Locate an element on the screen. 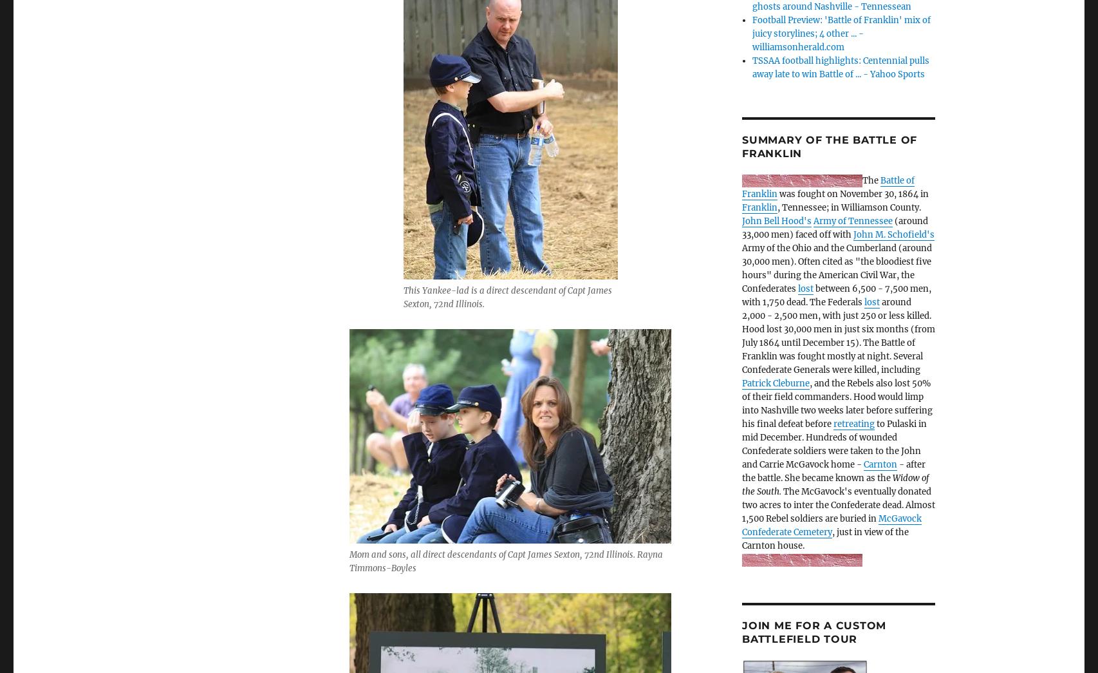 The width and height of the screenshot is (1098, 673). 'around 2,000 - 2,500 men, with just 250 or less killed. Hood lost 30,000 men in just six months (from July 1864 until December 15). The Battle of Franklin was fought mostly at night.  Several Confederate Generals were killed, including' is located at coordinates (838, 335).